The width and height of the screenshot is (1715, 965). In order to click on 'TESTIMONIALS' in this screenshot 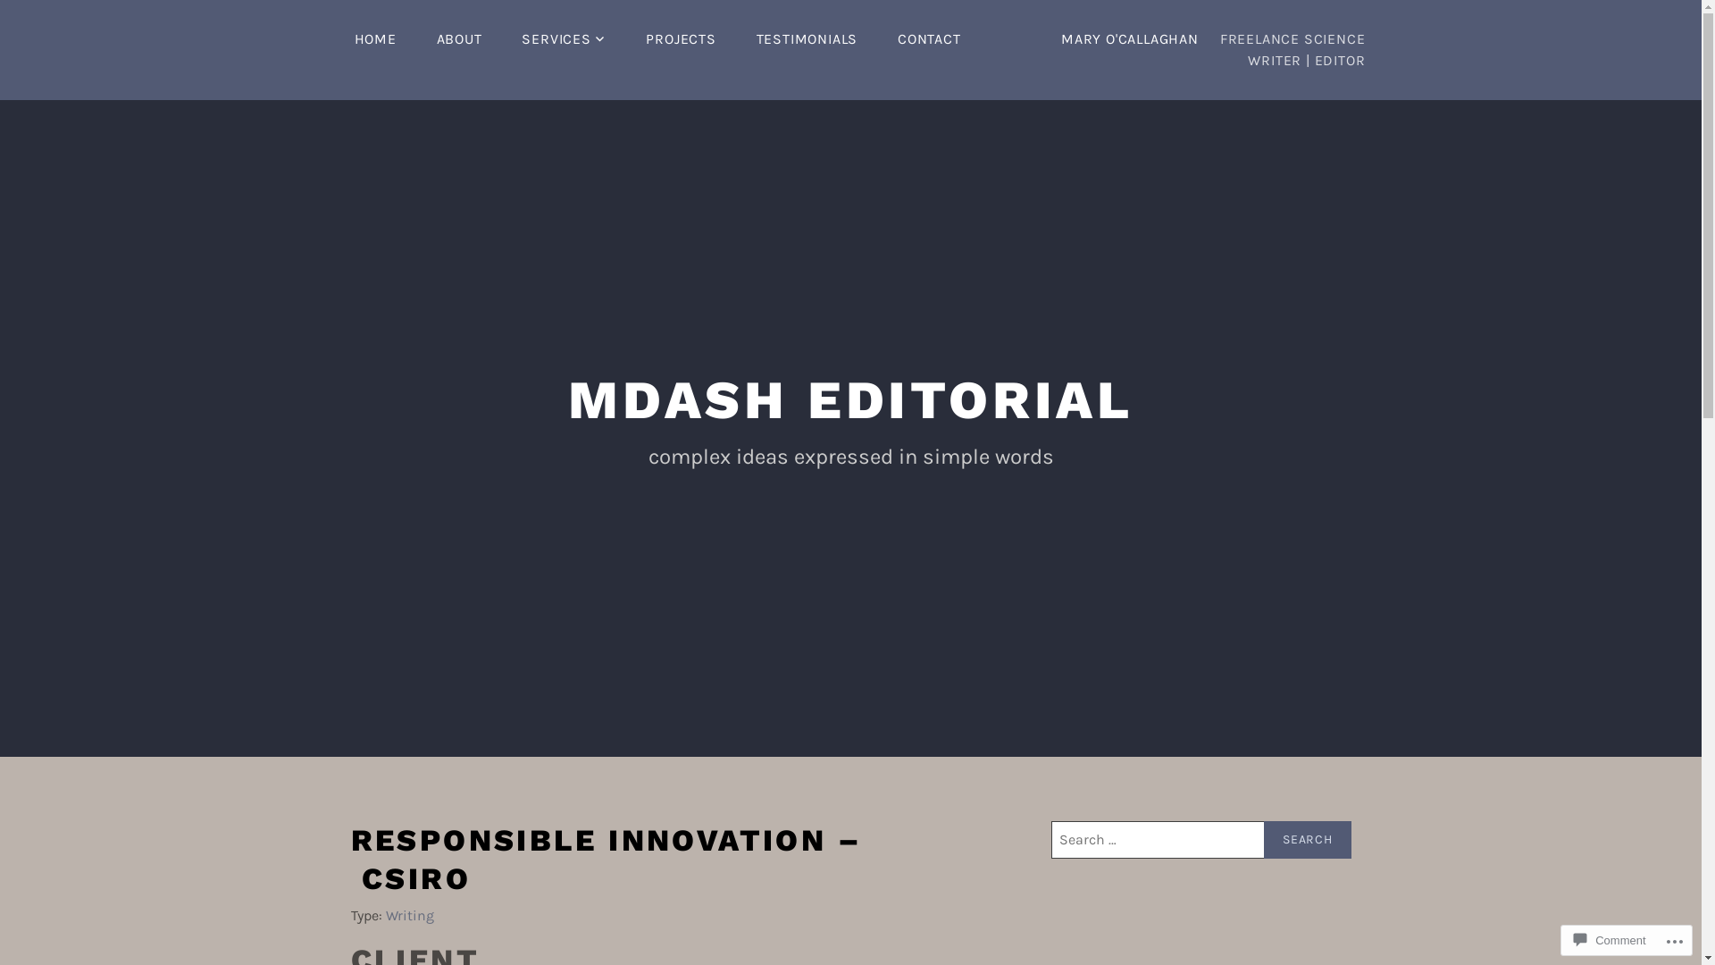, I will do `click(738, 38)`.